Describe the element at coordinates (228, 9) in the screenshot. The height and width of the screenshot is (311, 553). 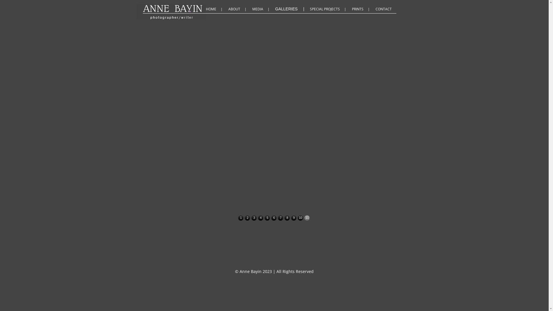
I see `'ABOUT'` at that location.